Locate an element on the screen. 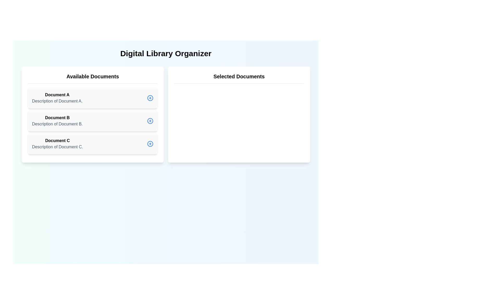  the 'Selected Documents' text label, which is styled with a bold font and underlined, serving as a header on the right side of the interface is located at coordinates (239, 78).